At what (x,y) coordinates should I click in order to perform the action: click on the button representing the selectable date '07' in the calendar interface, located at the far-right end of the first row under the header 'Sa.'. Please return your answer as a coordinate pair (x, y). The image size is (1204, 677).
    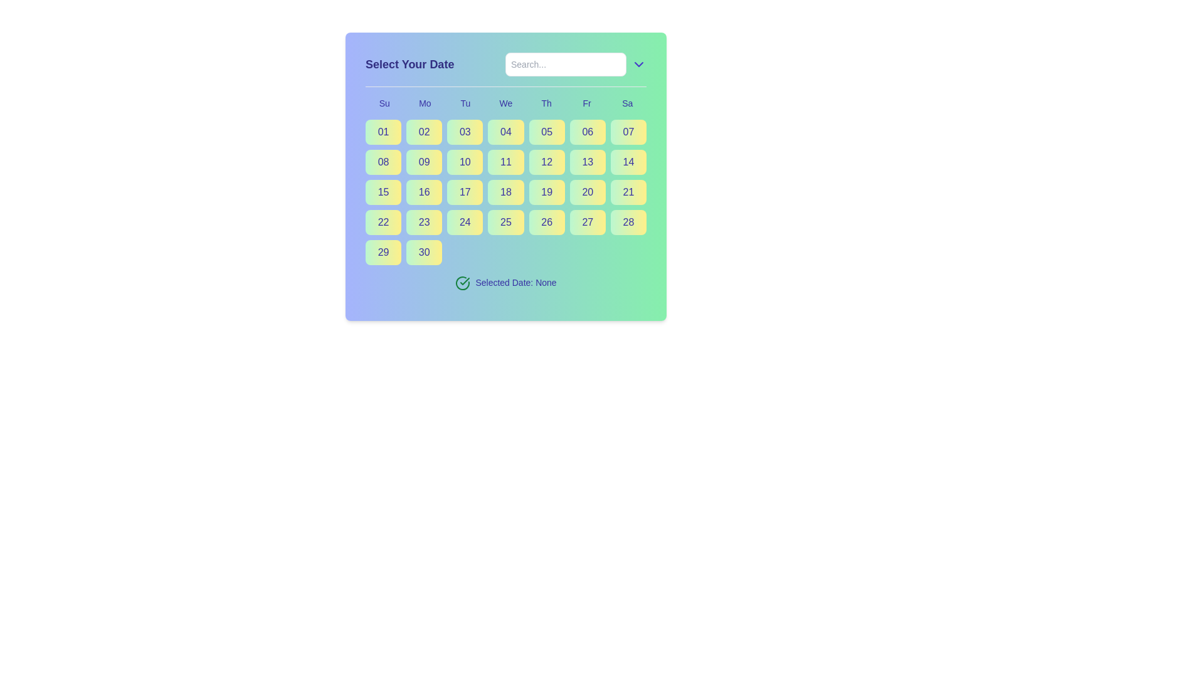
    Looking at the image, I should click on (628, 132).